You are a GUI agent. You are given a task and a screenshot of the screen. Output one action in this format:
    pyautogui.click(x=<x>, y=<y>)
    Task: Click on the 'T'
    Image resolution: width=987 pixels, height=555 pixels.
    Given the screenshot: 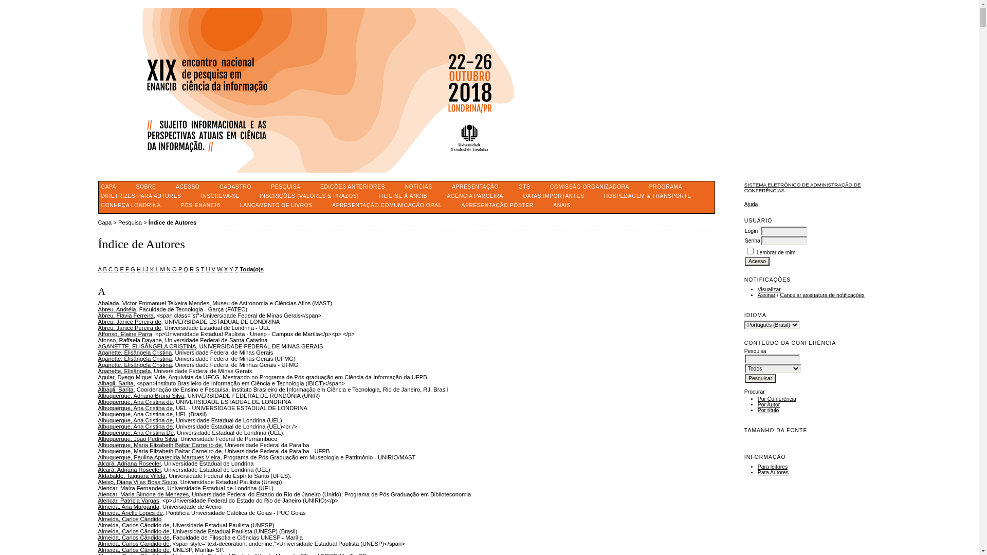 What is the action you would take?
    pyautogui.click(x=203, y=269)
    